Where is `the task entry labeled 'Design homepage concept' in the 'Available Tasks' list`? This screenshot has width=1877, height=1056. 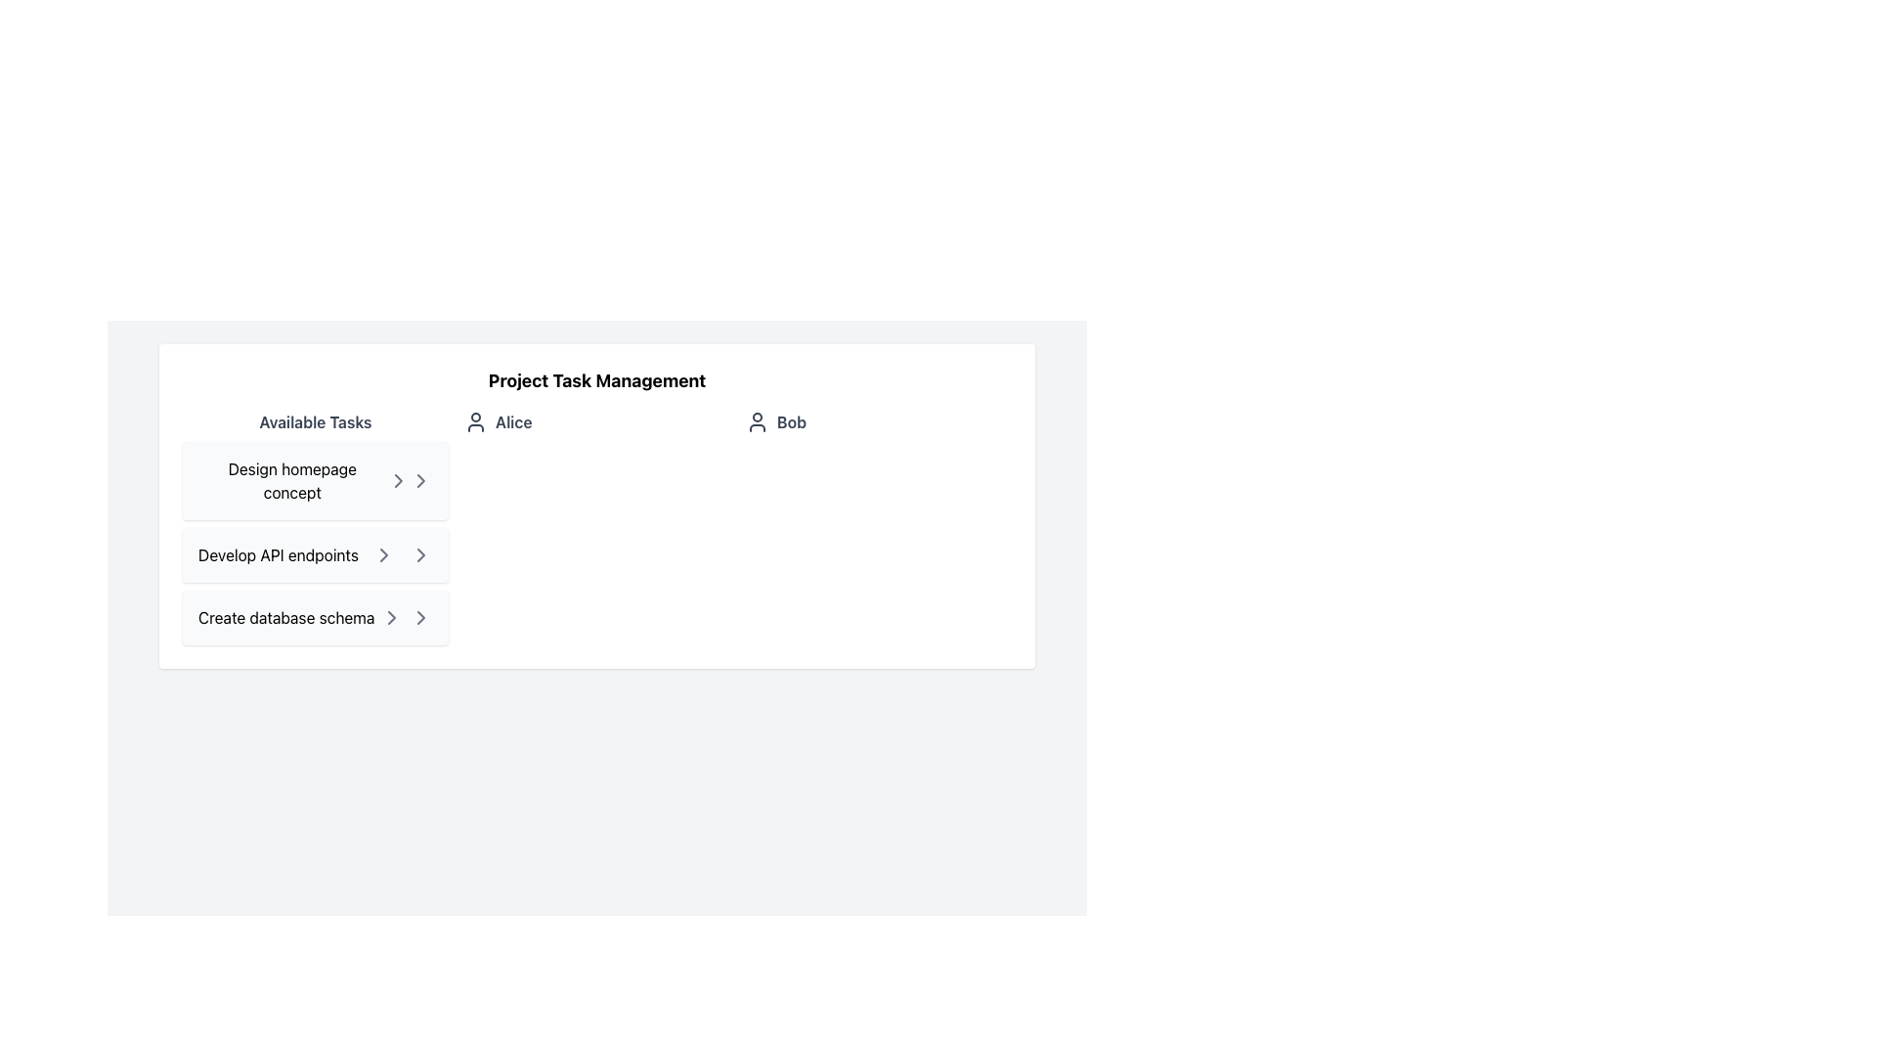
the task entry labeled 'Design homepage concept' in the 'Available Tasks' list is located at coordinates (315, 481).